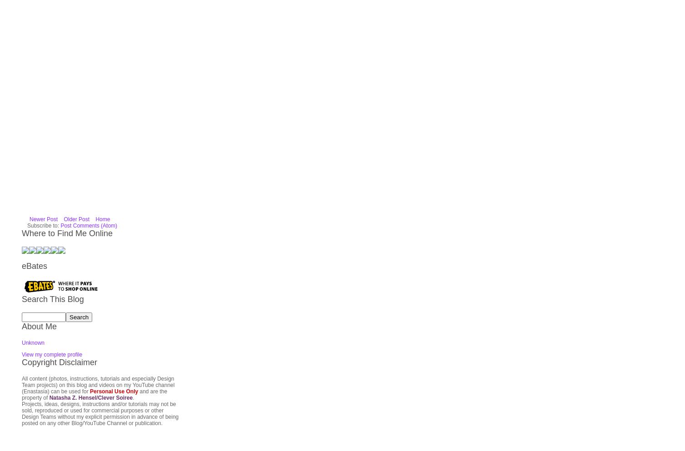  What do you see at coordinates (67, 124) in the screenshot?
I see `'Where to Find Me Online'` at bounding box center [67, 124].